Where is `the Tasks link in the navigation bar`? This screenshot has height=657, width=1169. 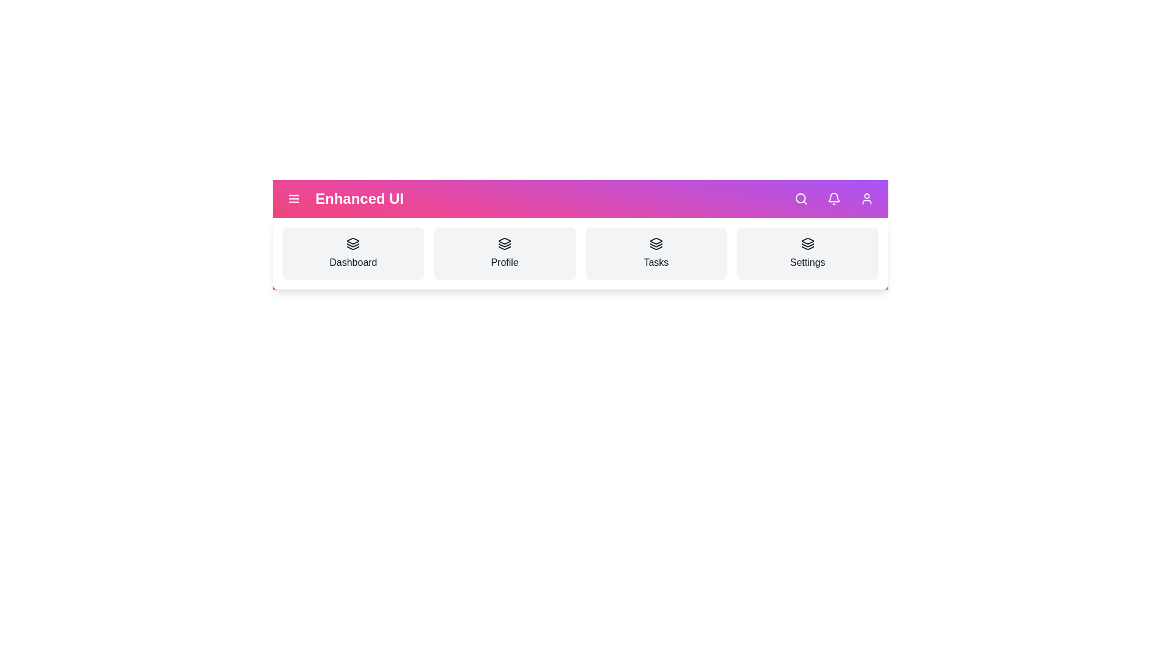 the Tasks link in the navigation bar is located at coordinates (656, 252).